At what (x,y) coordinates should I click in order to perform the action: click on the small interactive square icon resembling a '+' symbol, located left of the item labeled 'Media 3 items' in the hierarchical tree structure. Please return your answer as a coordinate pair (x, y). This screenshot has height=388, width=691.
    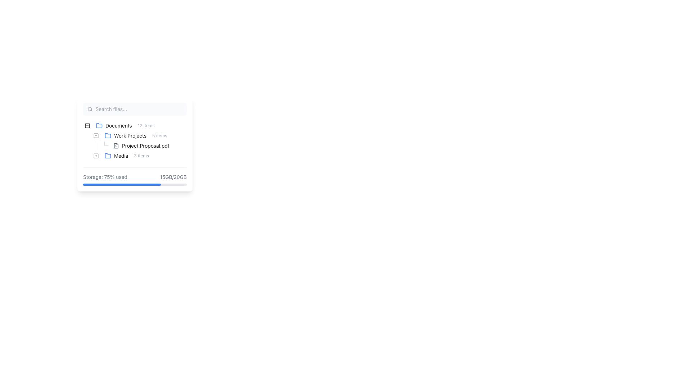
    Looking at the image, I should click on (96, 156).